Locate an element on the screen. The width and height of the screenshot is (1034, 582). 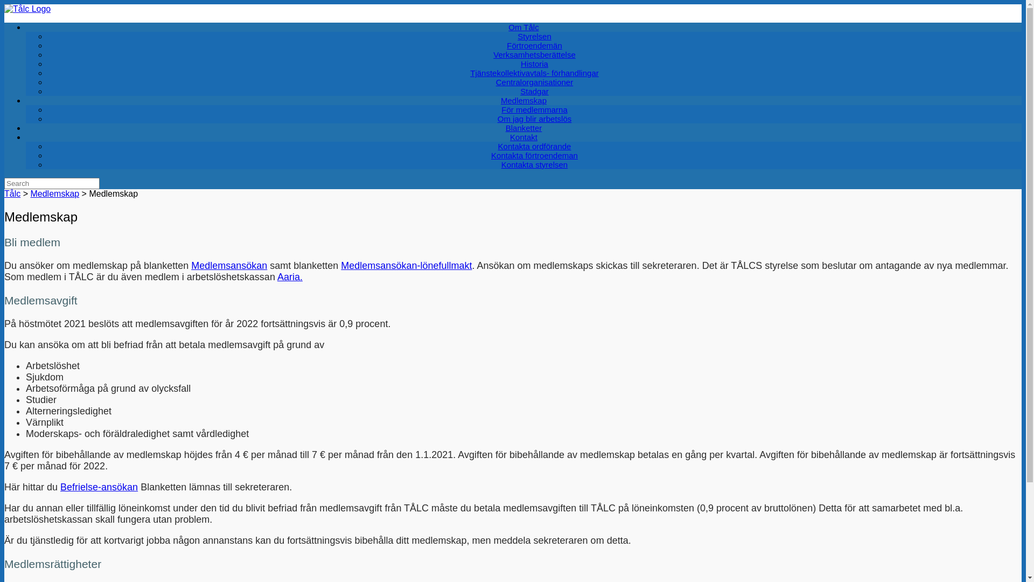
'Historia' is located at coordinates (504, 64).